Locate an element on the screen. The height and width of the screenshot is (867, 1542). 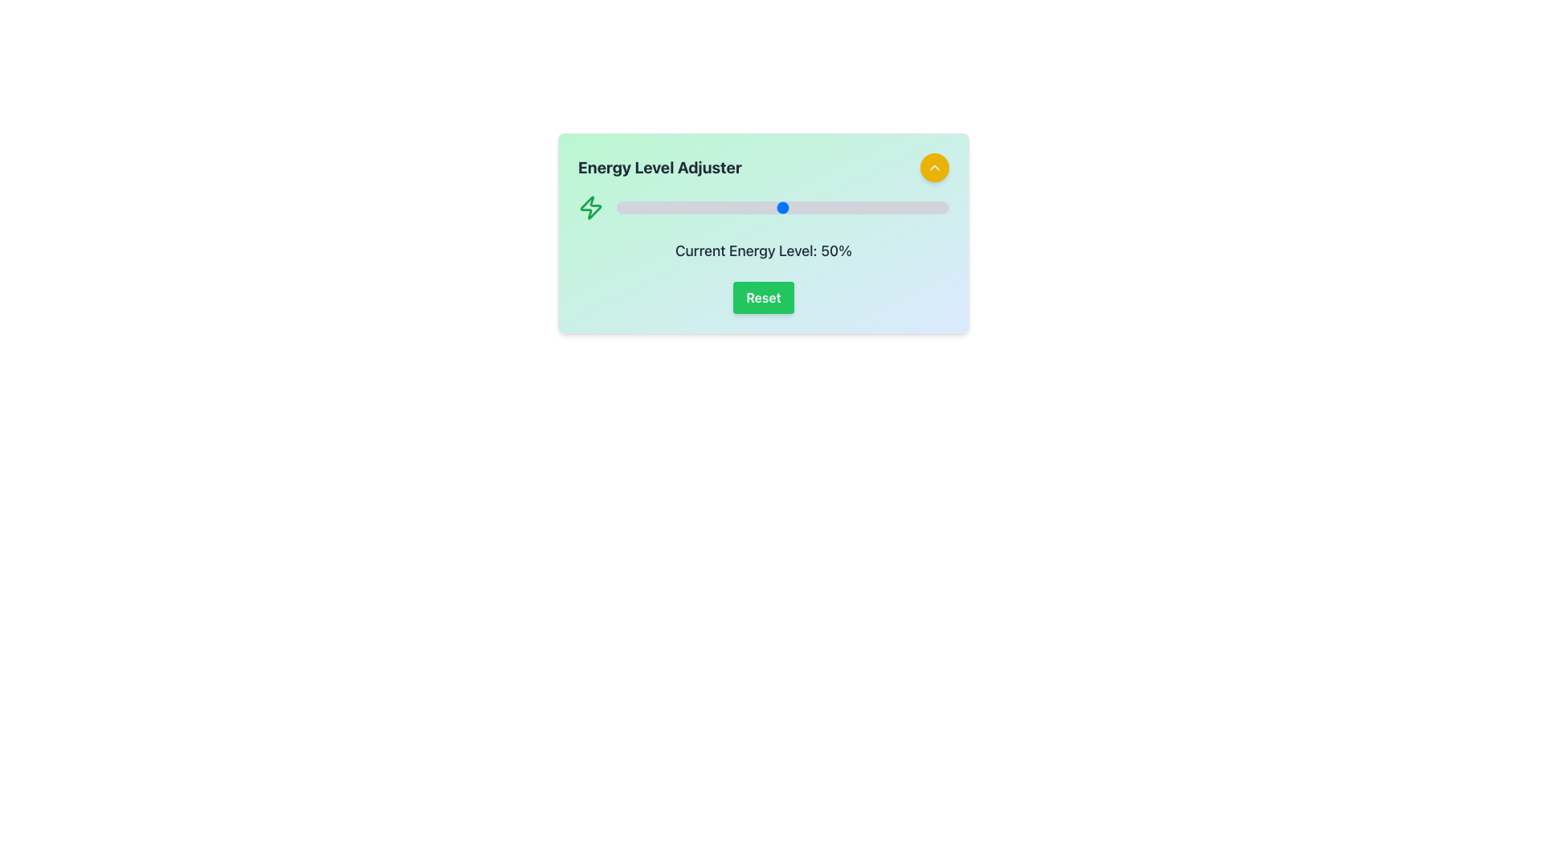
the Heading text that identifies the energy level adjustment module is located at coordinates (659, 167).